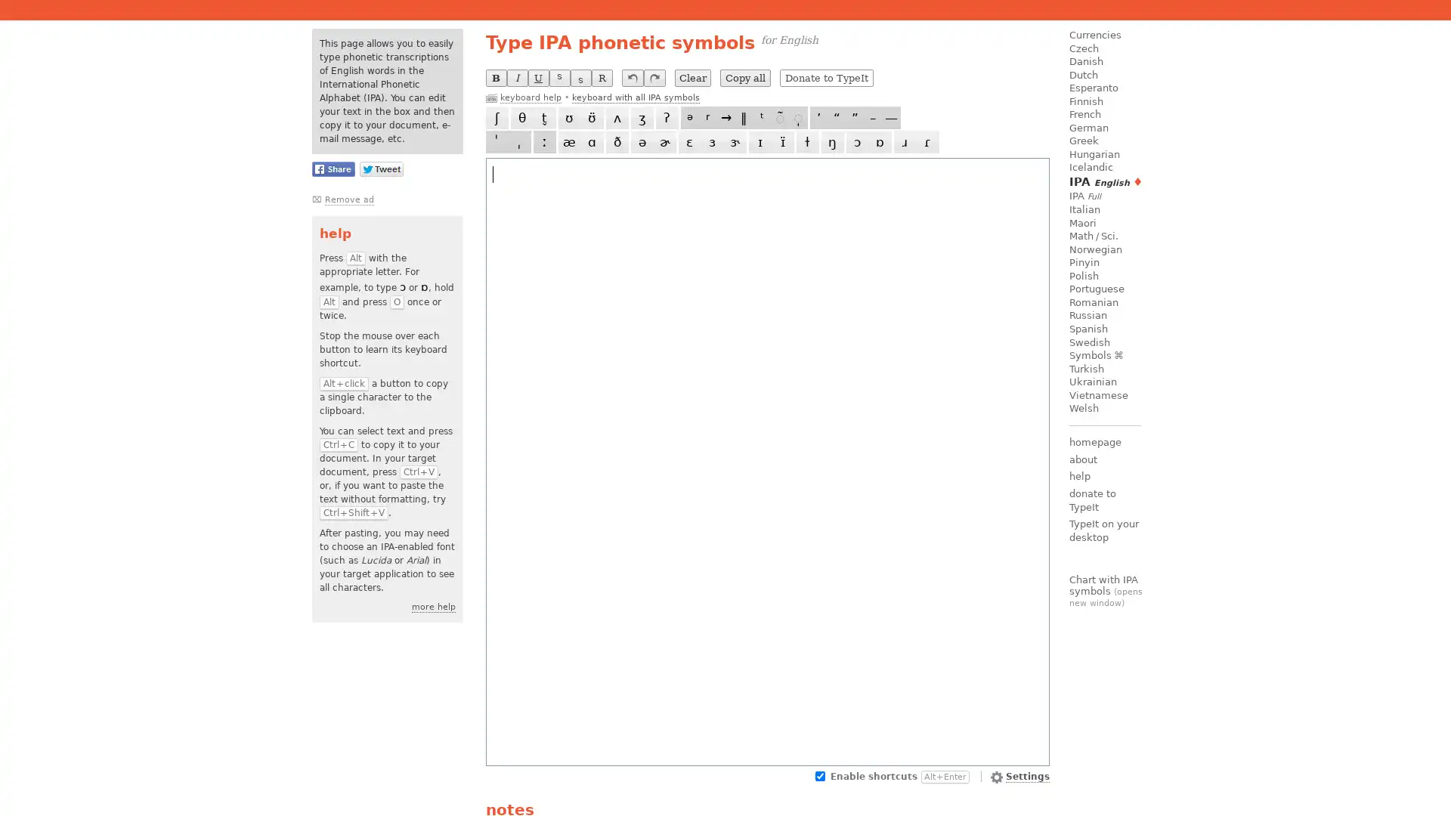 This screenshot has width=1451, height=816. What do you see at coordinates (580, 78) in the screenshot?
I see `S` at bounding box center [580, 78].